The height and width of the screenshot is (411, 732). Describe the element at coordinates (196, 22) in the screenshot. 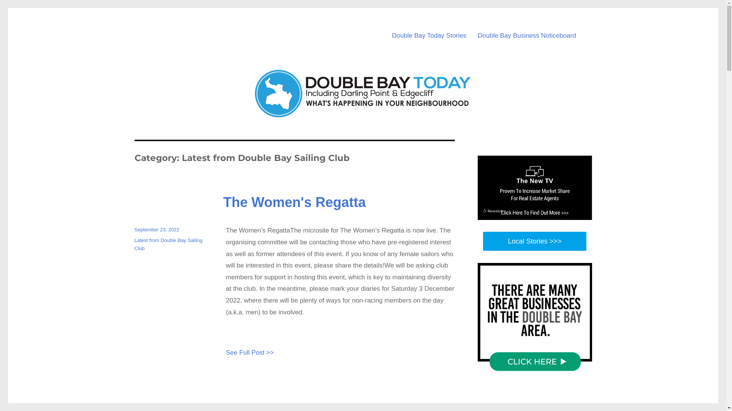

I see `'Double Bay Today'` at that location.